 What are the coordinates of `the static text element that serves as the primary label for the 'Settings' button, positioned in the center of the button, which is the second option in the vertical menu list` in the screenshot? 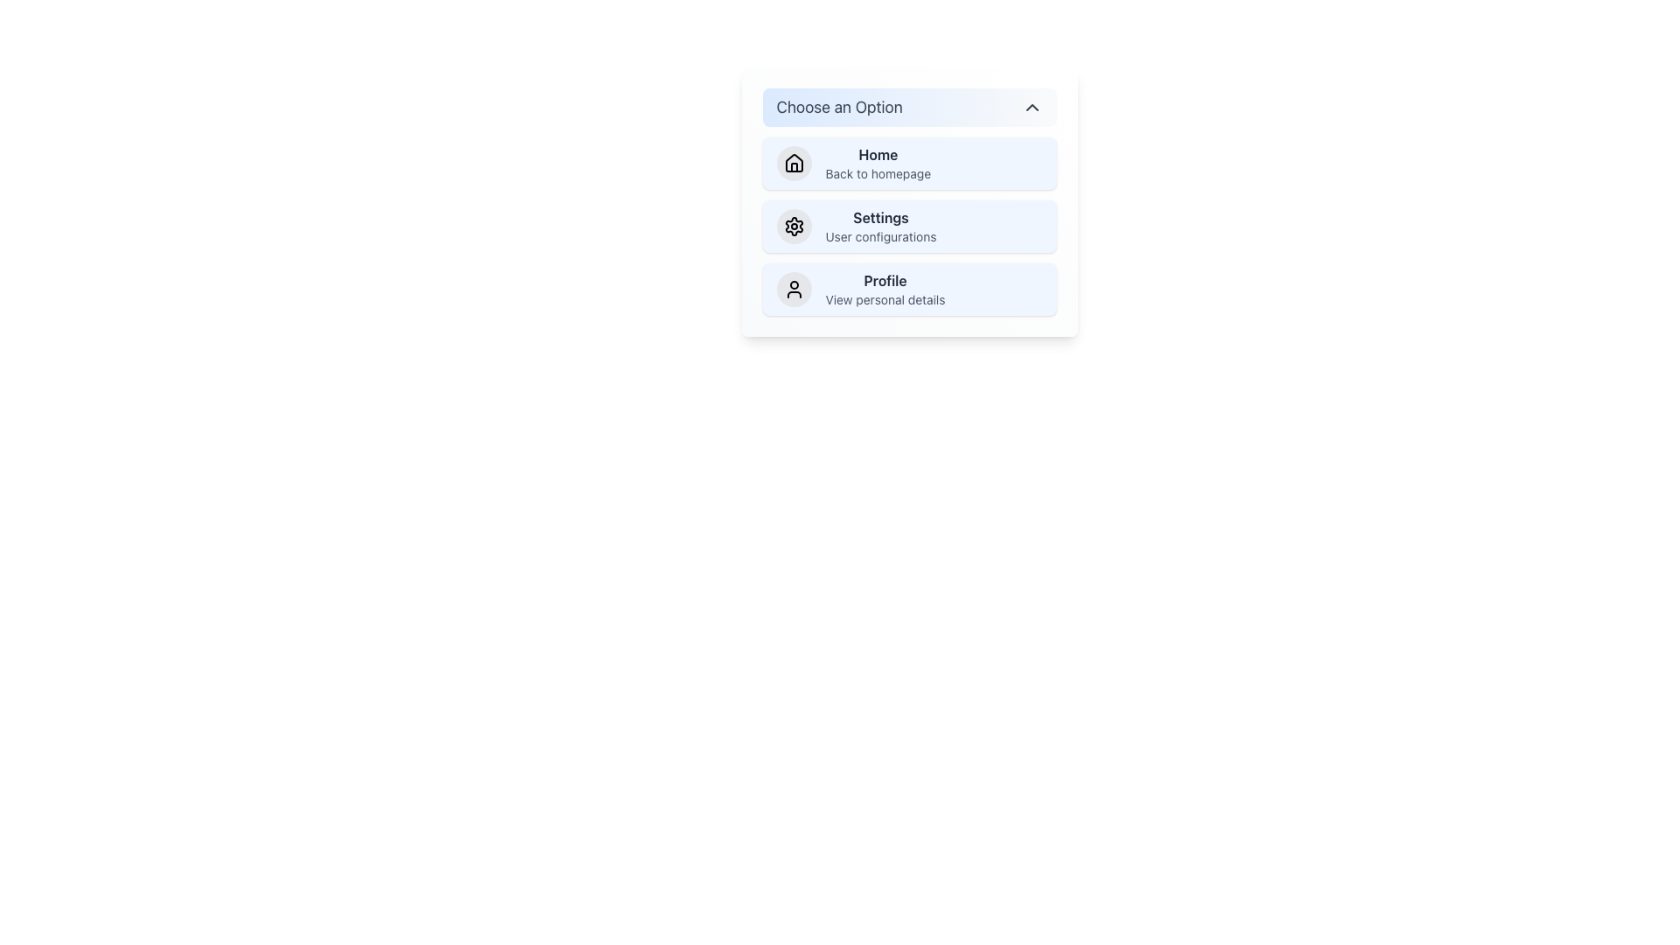 It's located at (881, 217).